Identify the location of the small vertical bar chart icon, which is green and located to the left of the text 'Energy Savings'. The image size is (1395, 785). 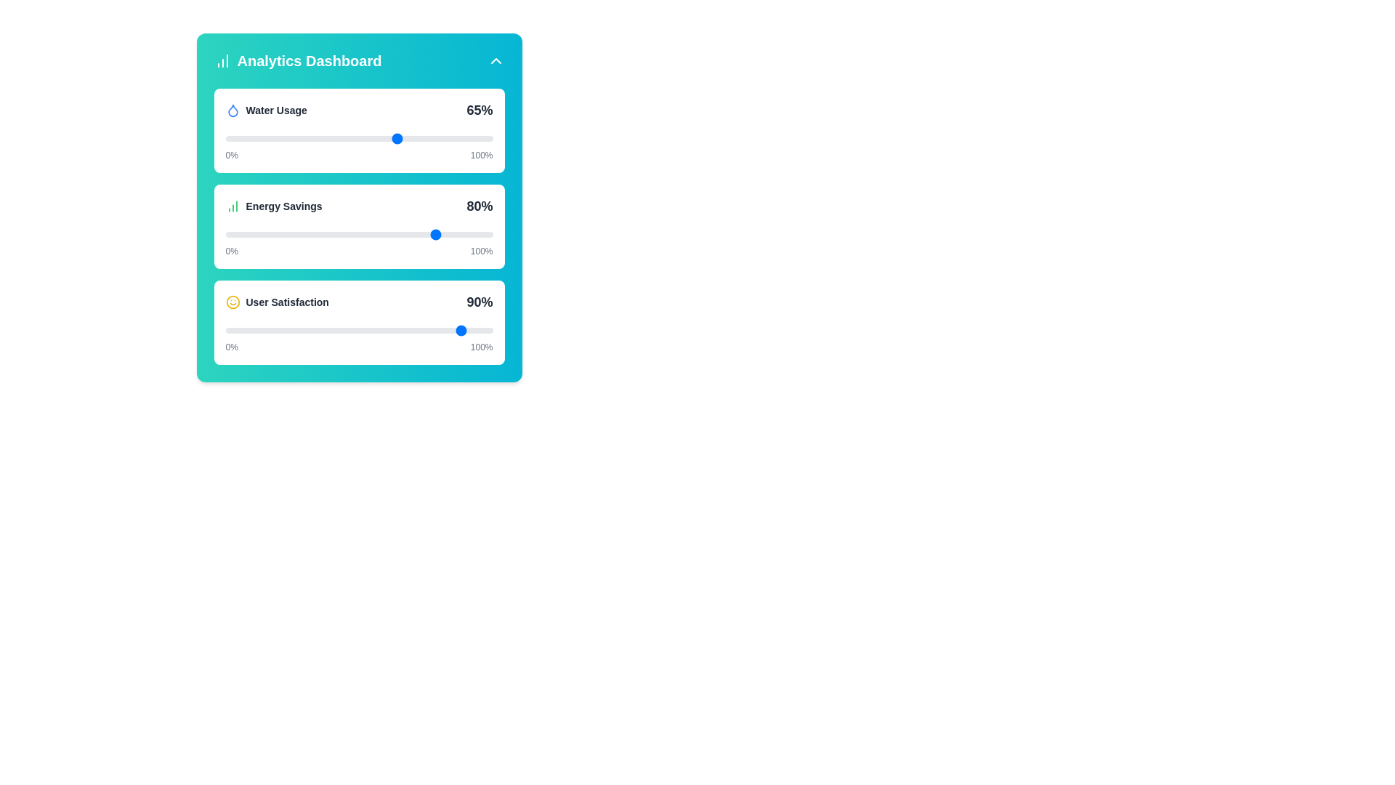
(232, 206).